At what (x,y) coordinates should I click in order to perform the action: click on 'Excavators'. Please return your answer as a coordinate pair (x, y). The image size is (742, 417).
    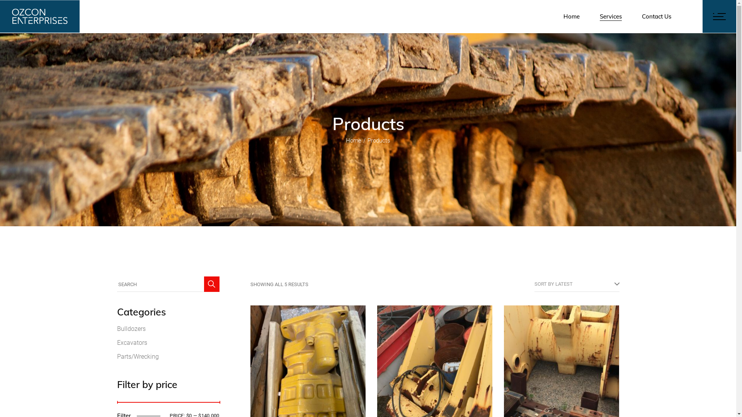
    Looking at the image, I should click on (131, 342).